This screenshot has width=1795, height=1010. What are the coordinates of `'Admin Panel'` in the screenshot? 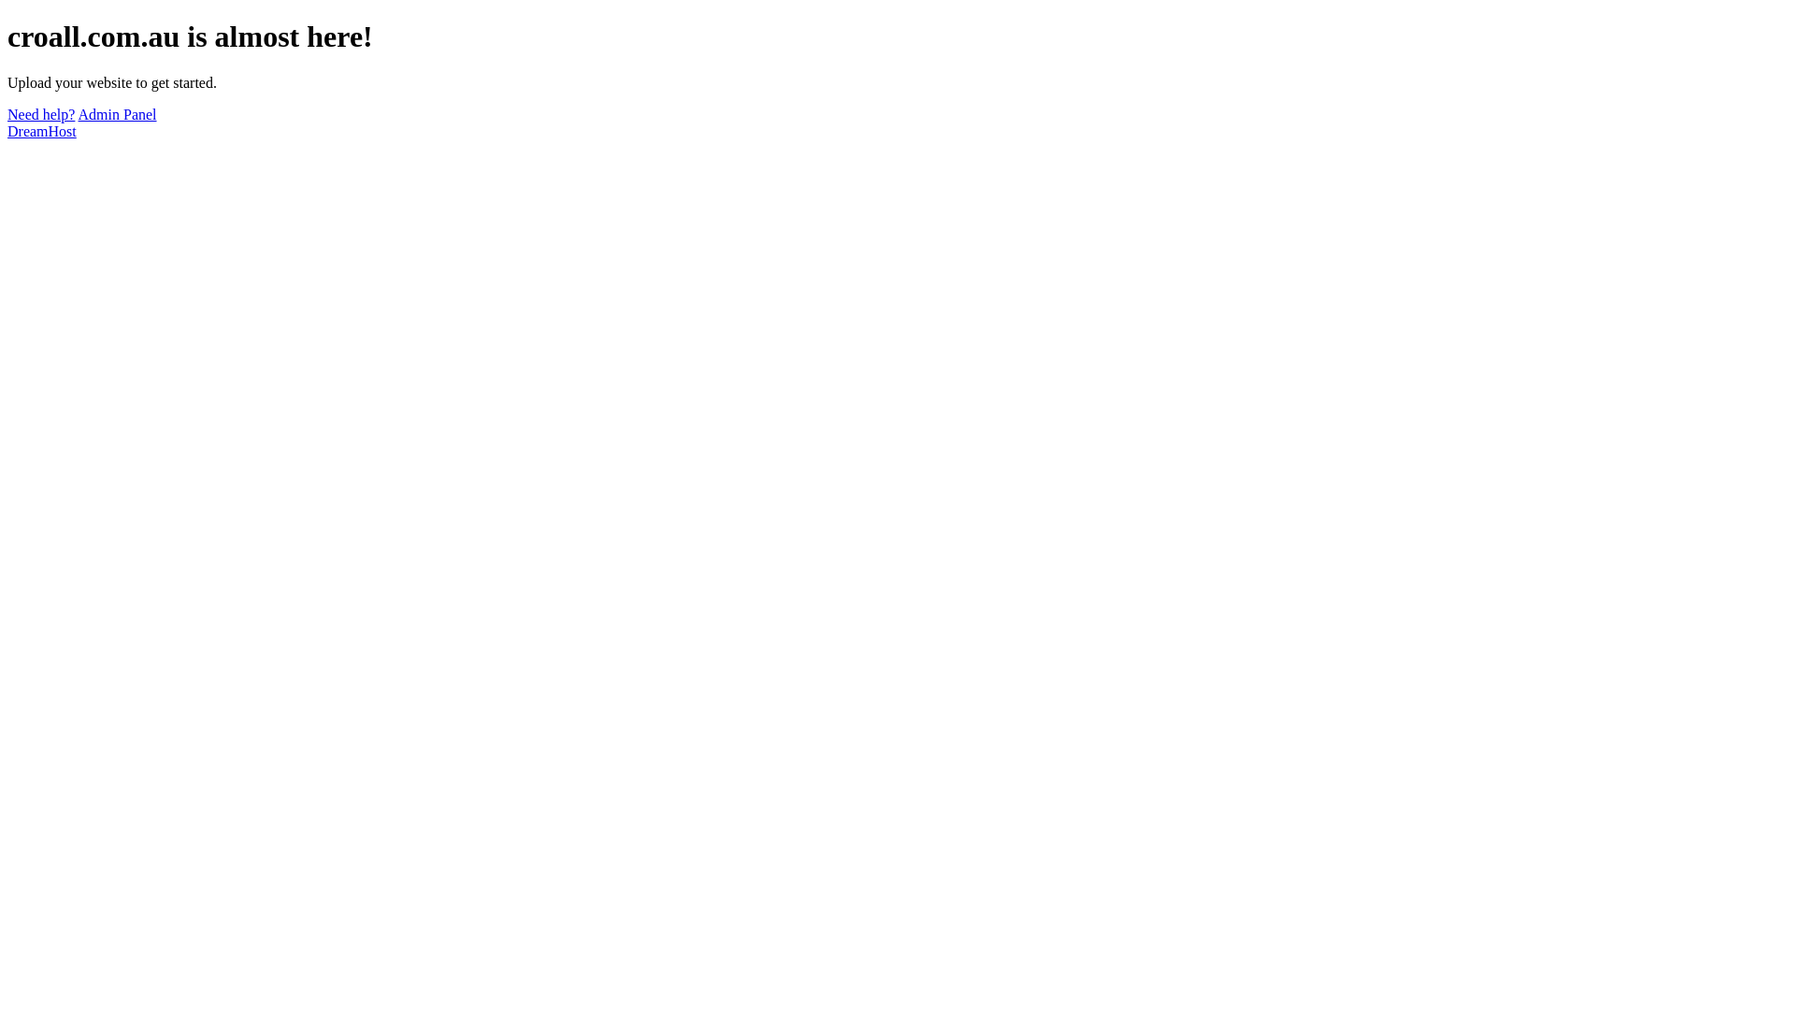 It's located at (116, 114).